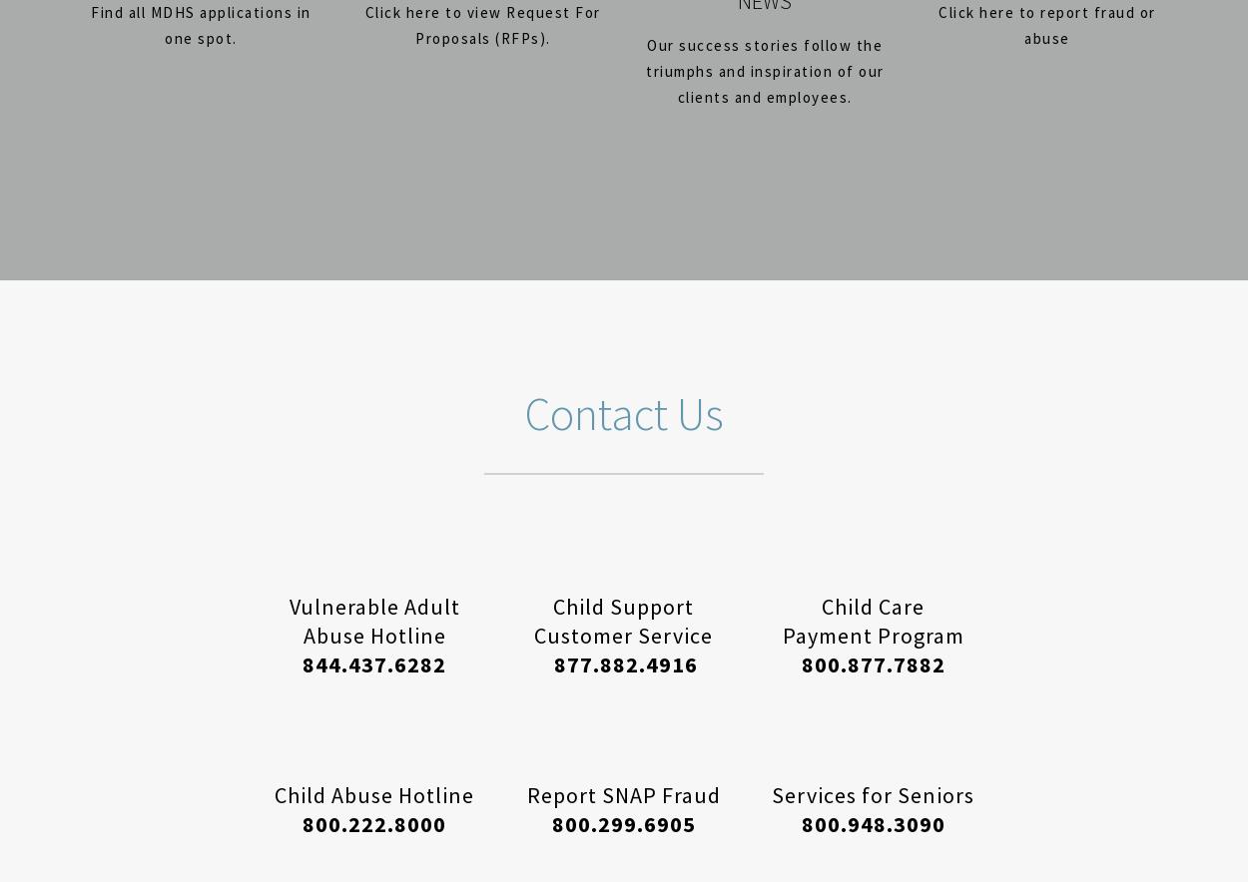 This screenshot has width=1248, height=882. I want to click on 'Click here to view Request For Proposals (RFPs).', so click(481, 25).